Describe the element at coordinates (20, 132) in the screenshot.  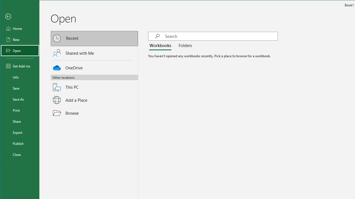
I see `'Export'` at that location.